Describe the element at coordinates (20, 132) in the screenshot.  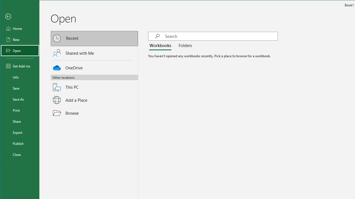
I see `'Export'` at that location.